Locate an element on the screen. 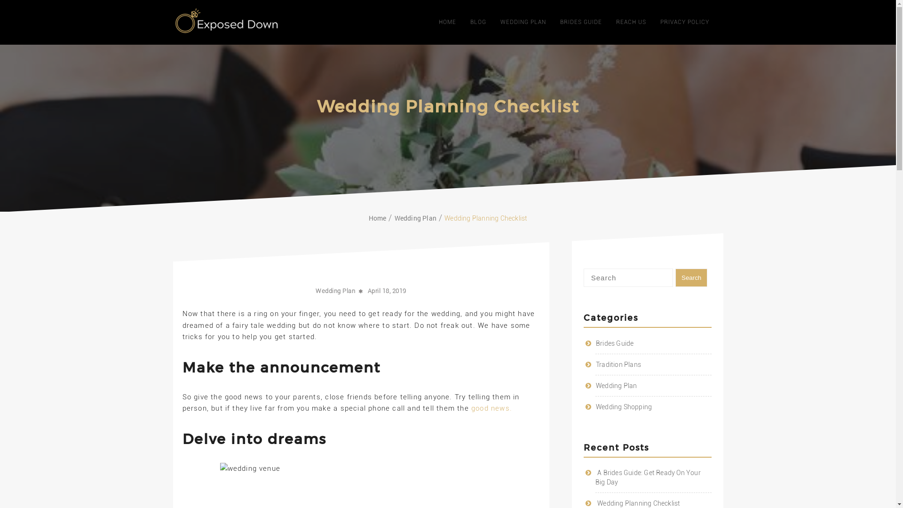  'Brides Guide' is located at coordinates (614, 343).